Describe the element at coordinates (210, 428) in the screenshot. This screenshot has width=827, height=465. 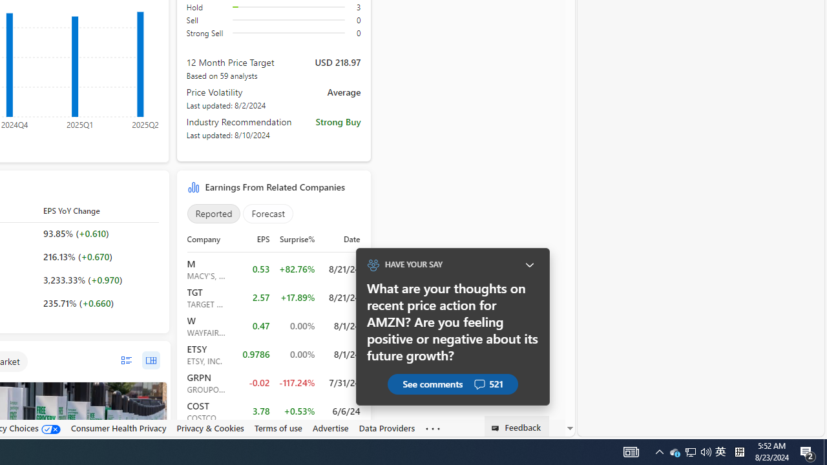
I see `'Privacy & Cookies'` at that location.